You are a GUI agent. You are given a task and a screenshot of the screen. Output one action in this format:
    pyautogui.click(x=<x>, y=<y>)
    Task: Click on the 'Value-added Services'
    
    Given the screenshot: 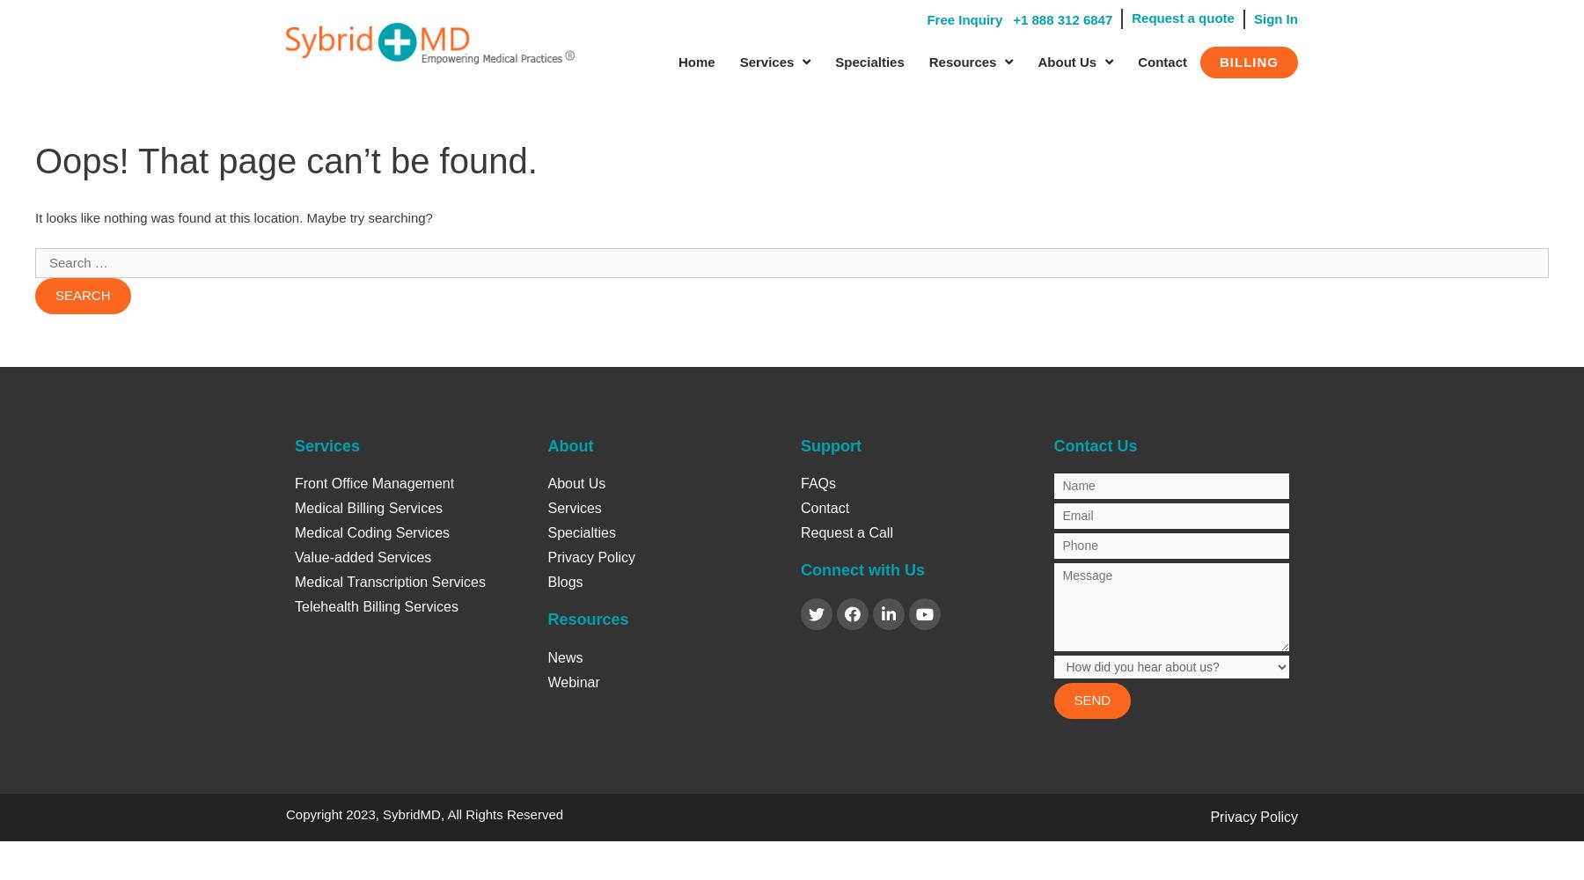 What is the action you would take?
    pyautogui.click(x=363, y=557)
    